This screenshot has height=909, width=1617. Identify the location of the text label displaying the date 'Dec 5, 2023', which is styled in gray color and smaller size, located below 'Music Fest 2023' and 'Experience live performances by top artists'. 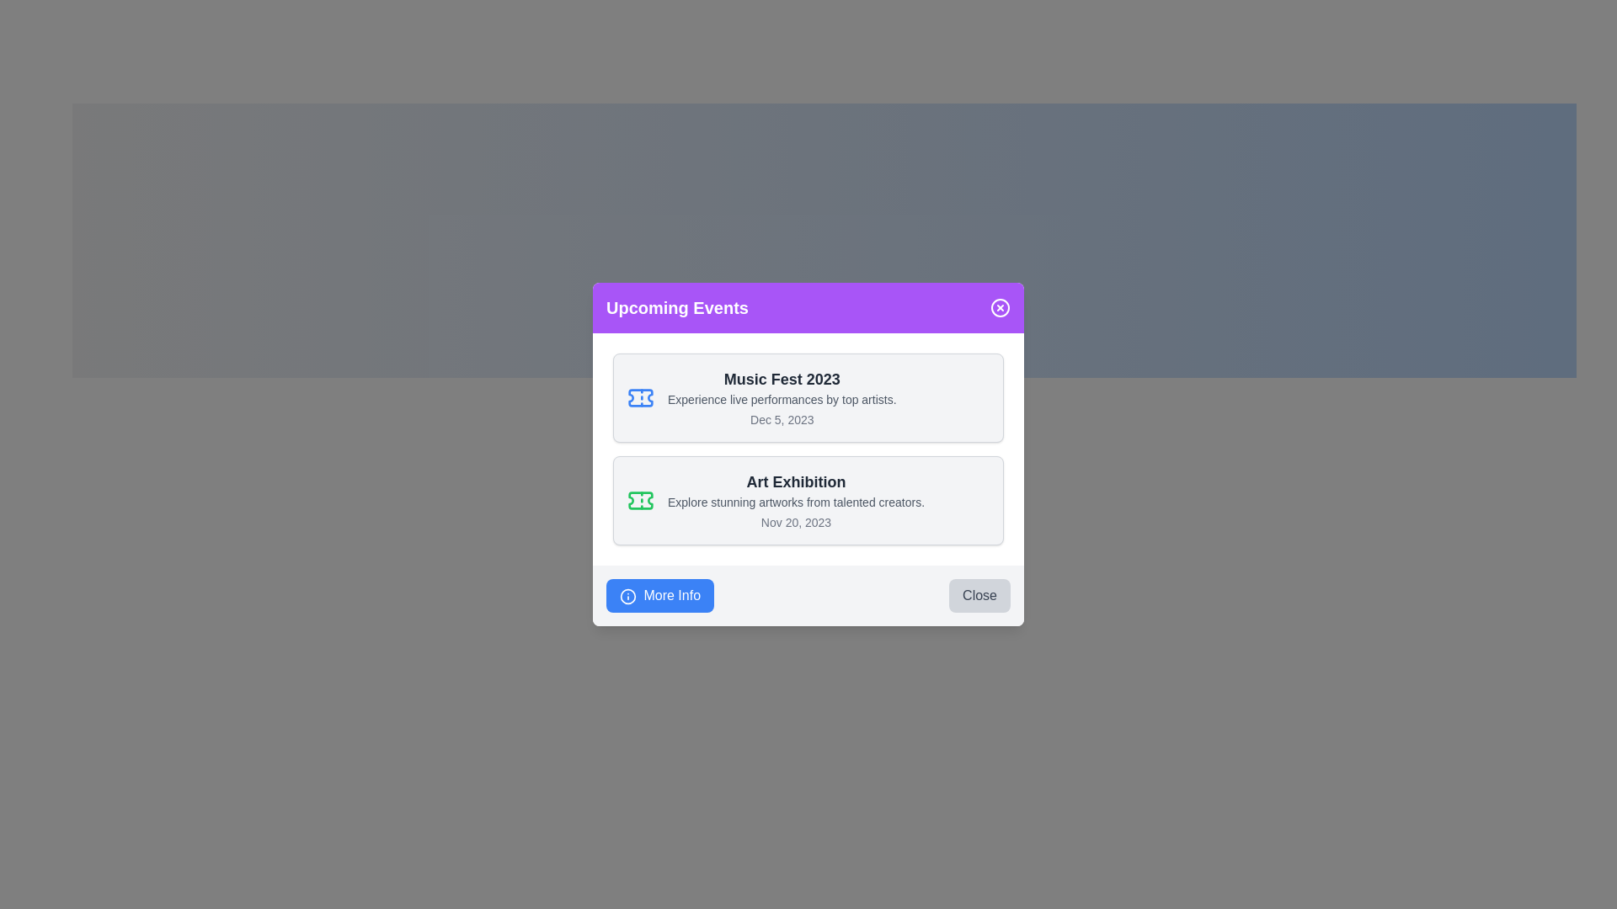
(781, 418).